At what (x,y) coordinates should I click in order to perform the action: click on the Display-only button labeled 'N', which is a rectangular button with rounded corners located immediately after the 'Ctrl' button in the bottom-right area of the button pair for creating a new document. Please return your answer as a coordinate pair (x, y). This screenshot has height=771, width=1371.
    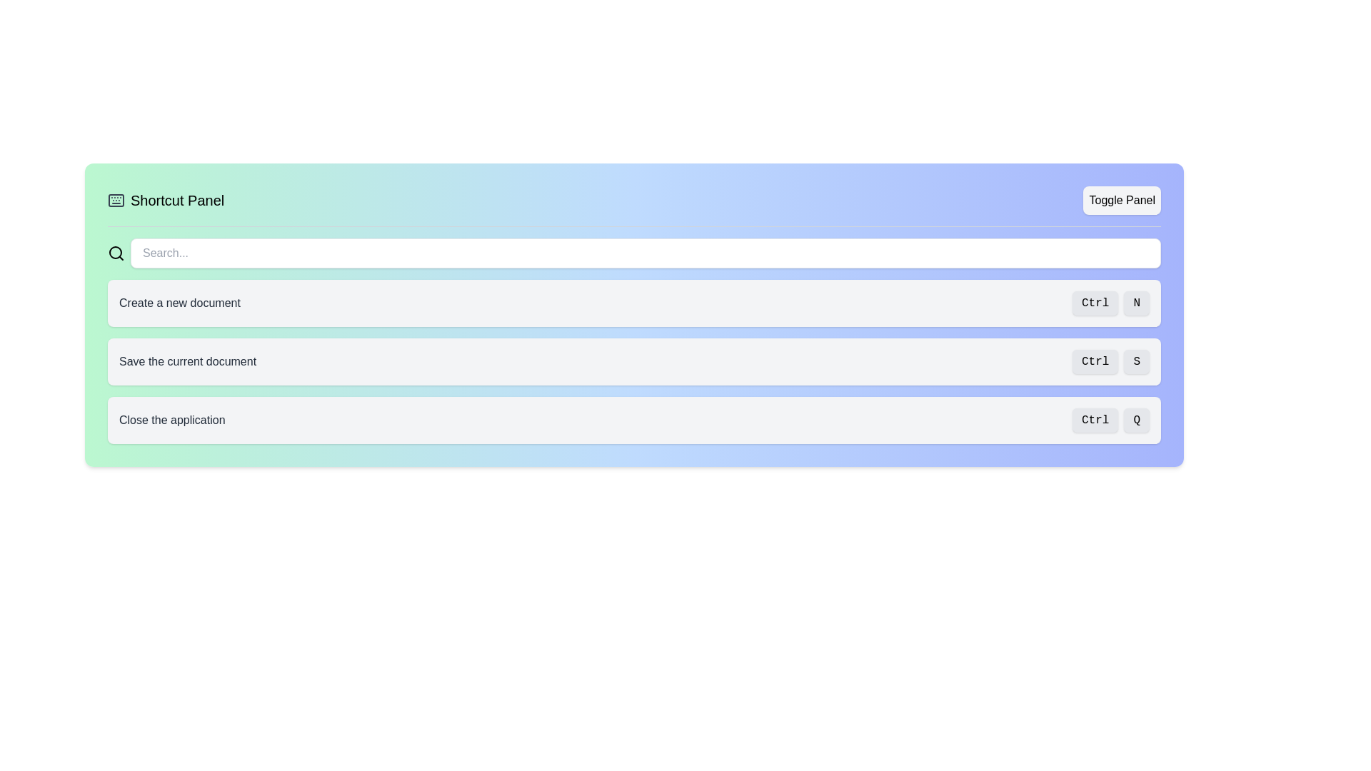
    Looking at the image, I should click on (1136, 302).